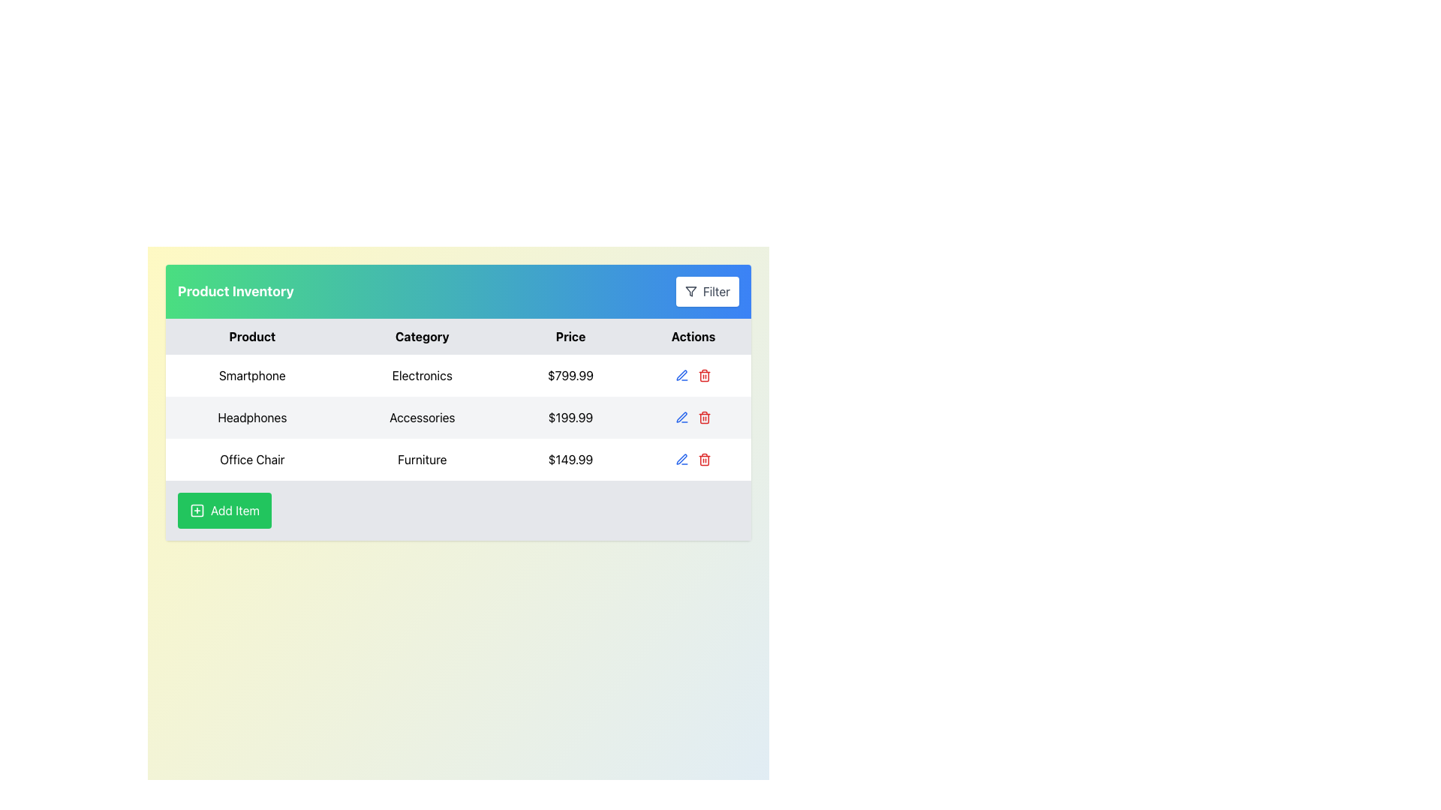 The height and width of the screenshot is (810, 1441). What do you see at coordinates (681, 417) in the screenshot?
I see `the blue pen-shaped icon button in the 'Actions' column corresponding to the 'Smartphone' item to change its state or display a tooltip` at bounding box center [681, 417].